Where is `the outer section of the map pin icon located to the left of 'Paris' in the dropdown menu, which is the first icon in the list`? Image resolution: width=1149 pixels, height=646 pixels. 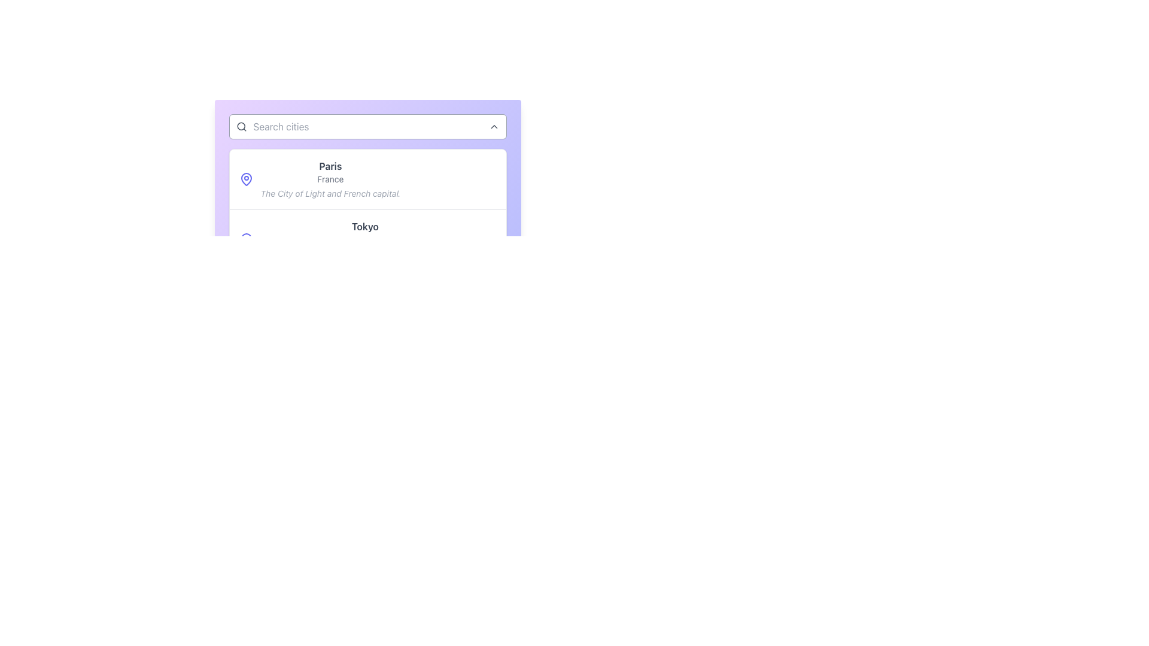 the outer section of the map pin icon located to the left of 'Paris' in the dropdown menu, which is the first icon in the list is located at coordinates (245, 179).